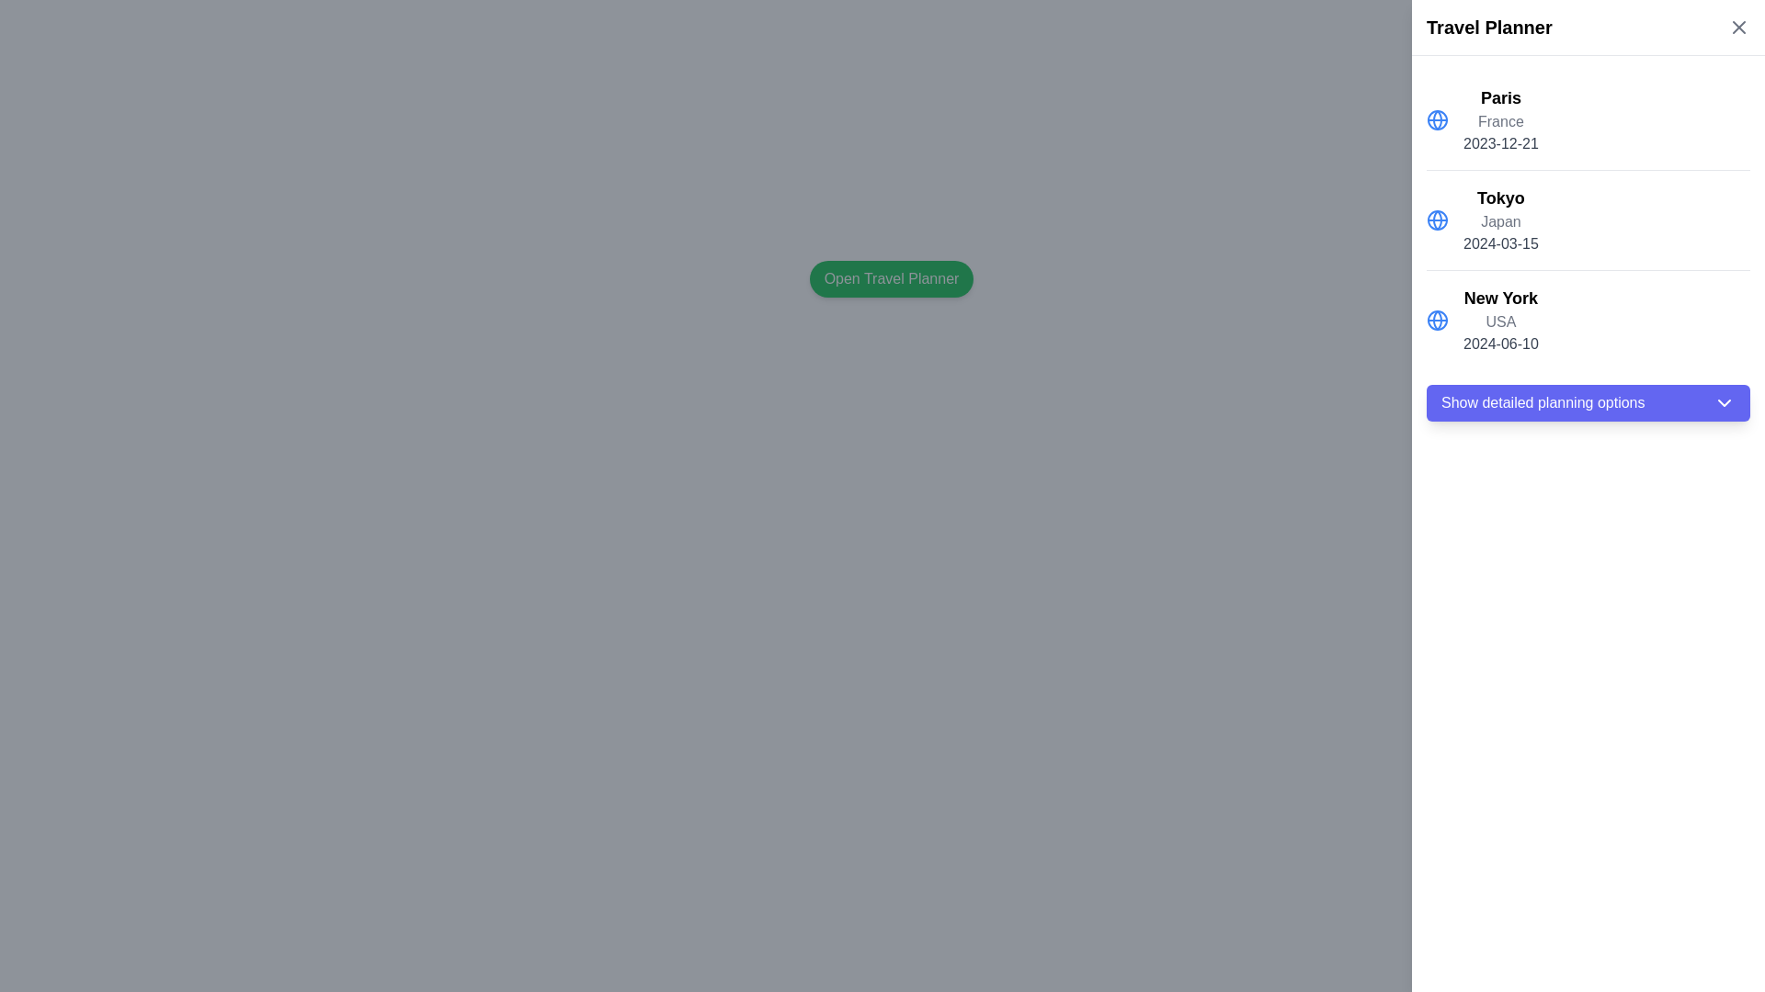  Describe the element at coordinates (1500, 121) in the screenshot. I see `the static text label displaying 'France', located beneath 'Paris' and above '2023-12-21' in the Travel Planner section` at that location.